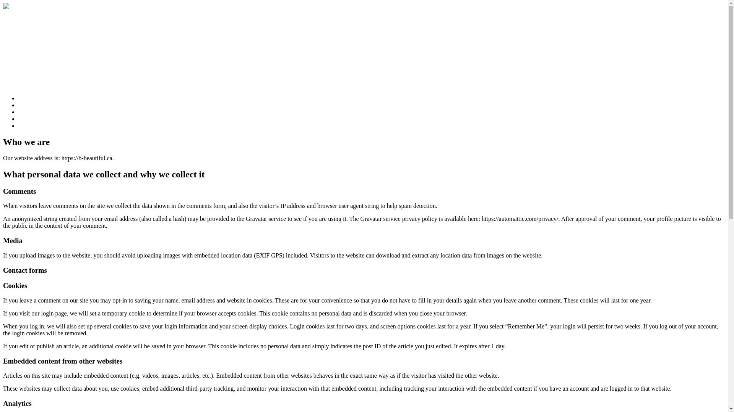 The image size is (734, 412). Describe the element at coordinates (38, 21) in the screenshot. I see `'Be Beautiful Aesthetics'` at that location.